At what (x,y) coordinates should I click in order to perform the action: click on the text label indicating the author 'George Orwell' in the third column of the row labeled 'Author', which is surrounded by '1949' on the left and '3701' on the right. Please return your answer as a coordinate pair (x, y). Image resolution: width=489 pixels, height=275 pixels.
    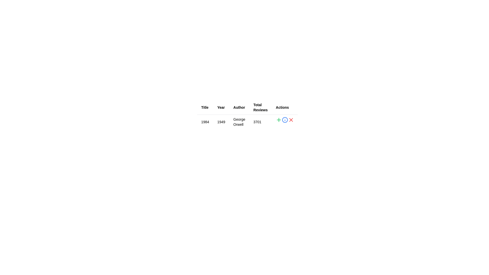
    Looking at the image, I should click on (239, 122).